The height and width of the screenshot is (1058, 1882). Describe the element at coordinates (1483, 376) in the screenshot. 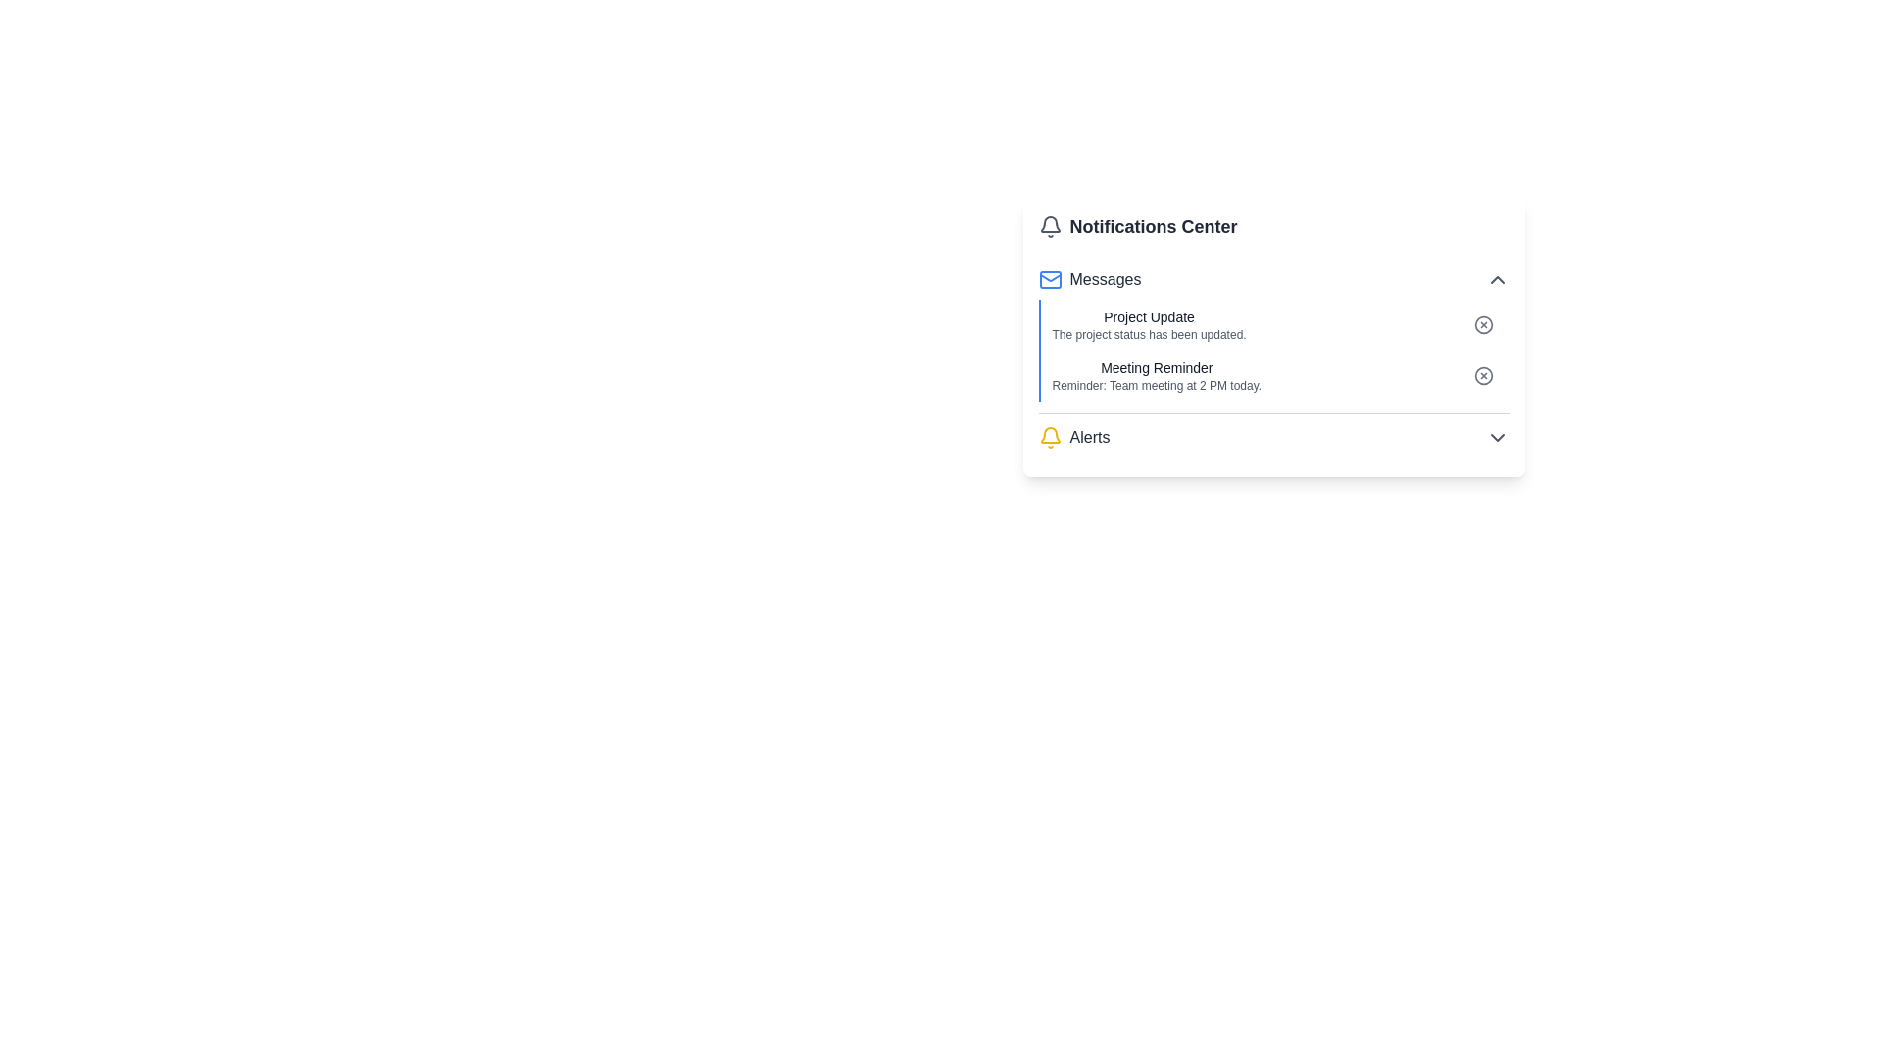

I see `the circular icon button with a cross inside, located to the right of the 'Meeting Reminder' text under the 'Messages' section in the Notifications Center card` at that location.